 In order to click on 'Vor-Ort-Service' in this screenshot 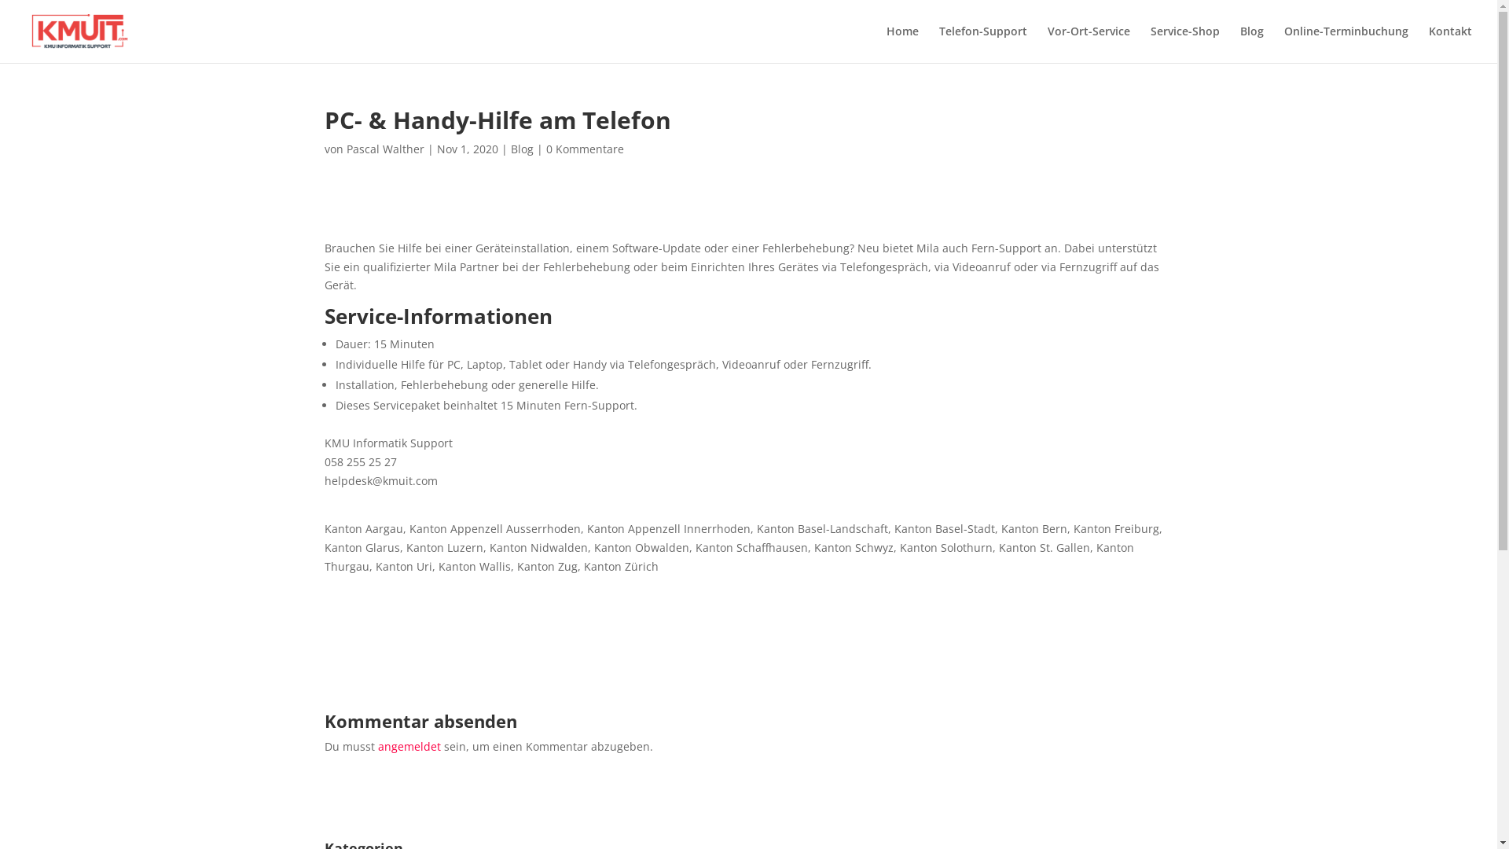, I will do `click(1088, 43)`.